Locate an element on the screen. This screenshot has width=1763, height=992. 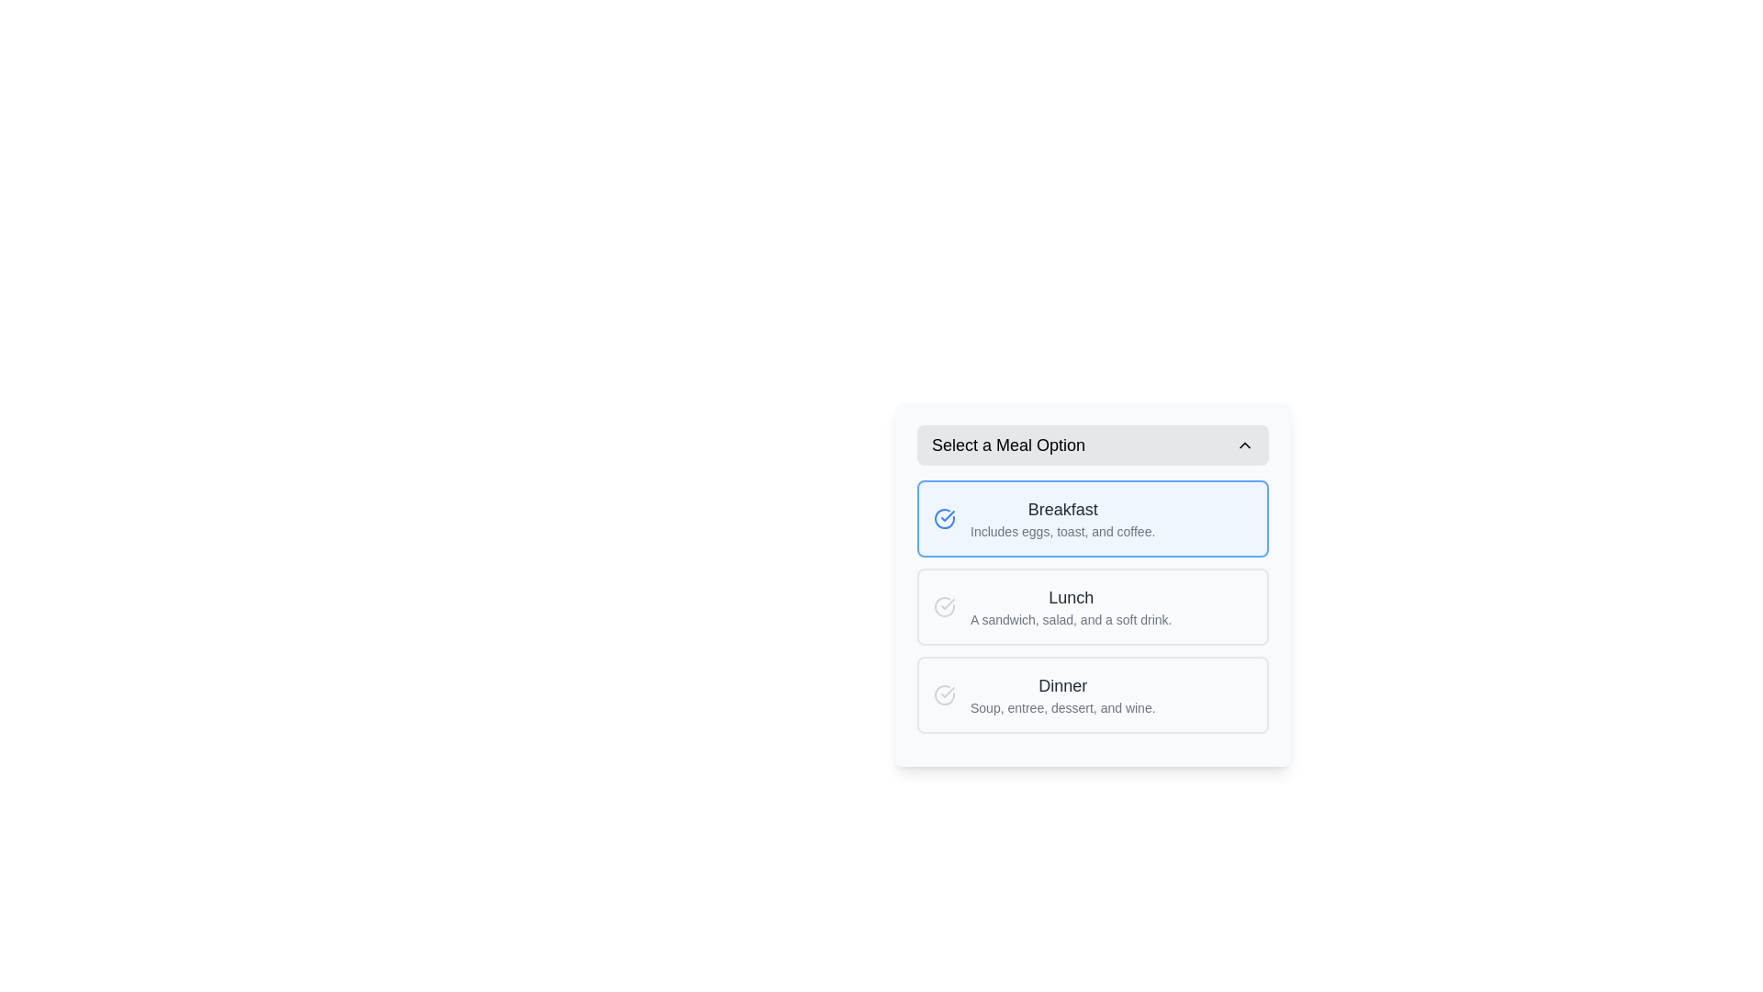
the blue checkmark icon within a circle located to the left of the 'Breakfast' text in the selection menu if interactive context exists is located at coordinates (948, 516).